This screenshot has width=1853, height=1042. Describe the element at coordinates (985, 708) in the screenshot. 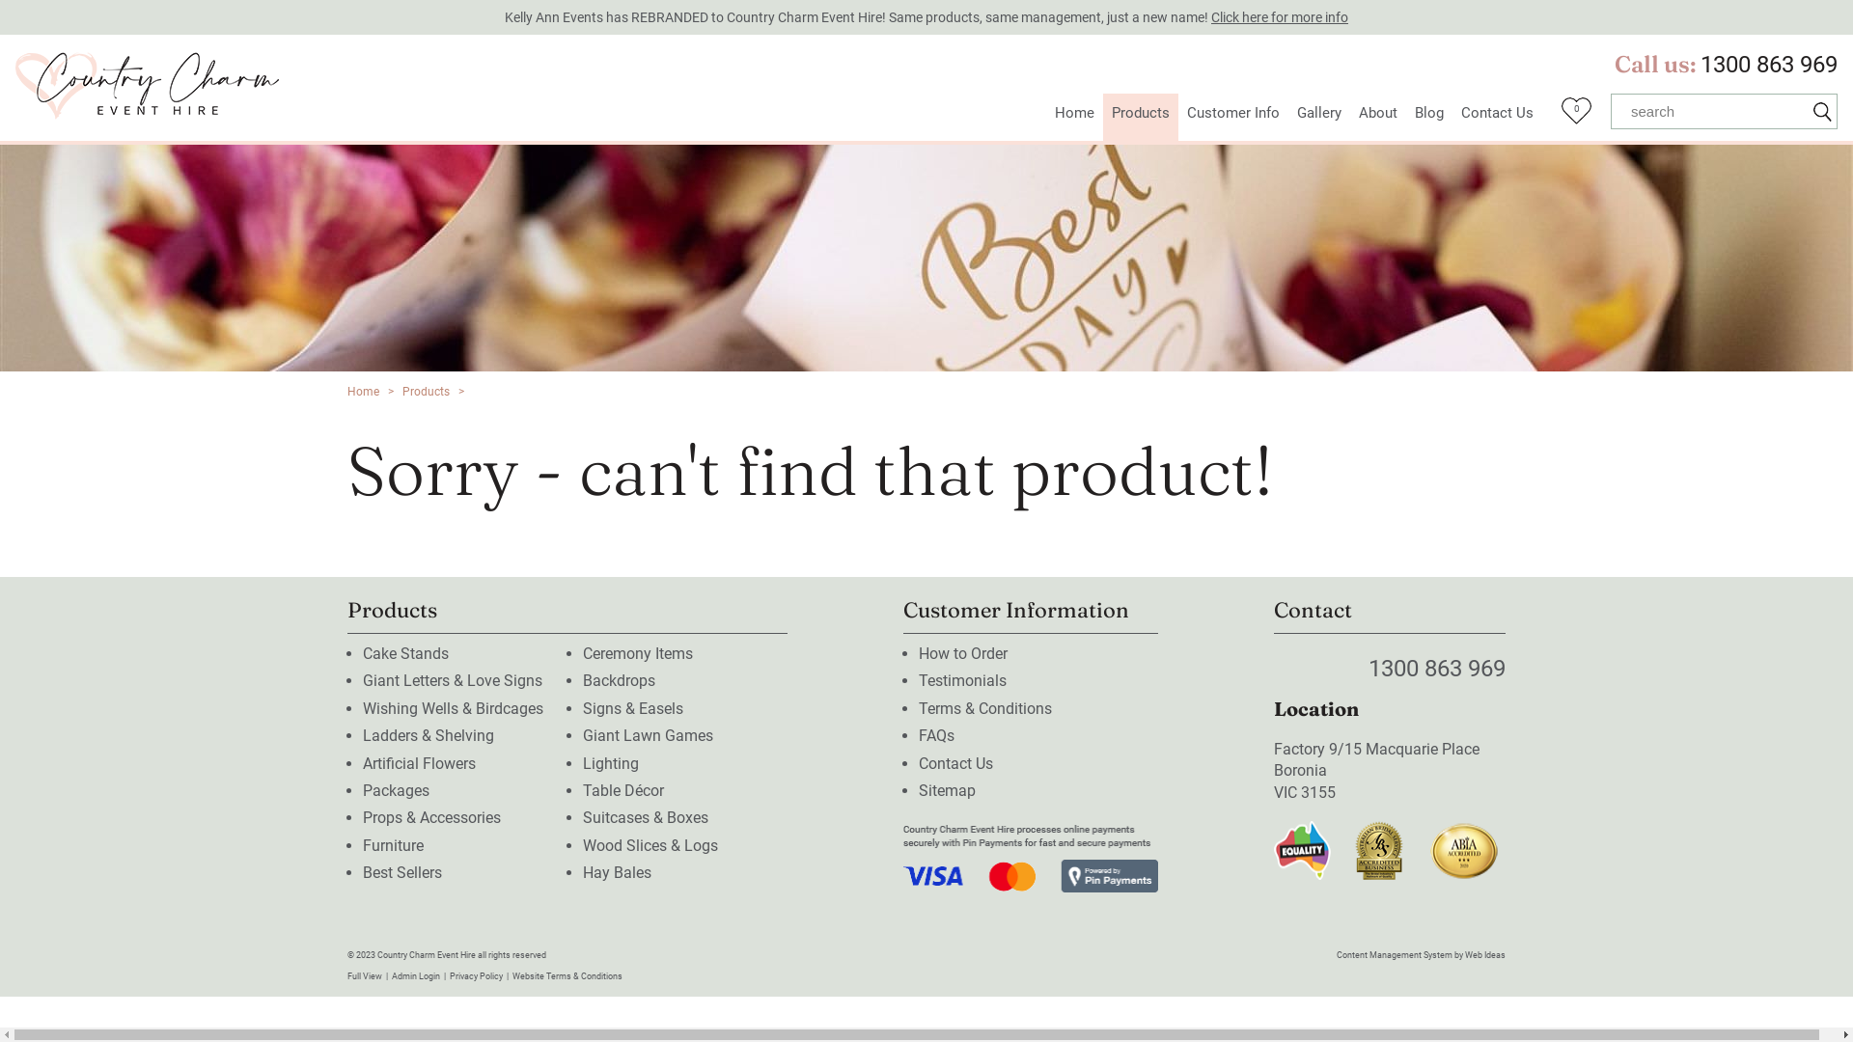

I see `'Terms & Conditions'` at that location.